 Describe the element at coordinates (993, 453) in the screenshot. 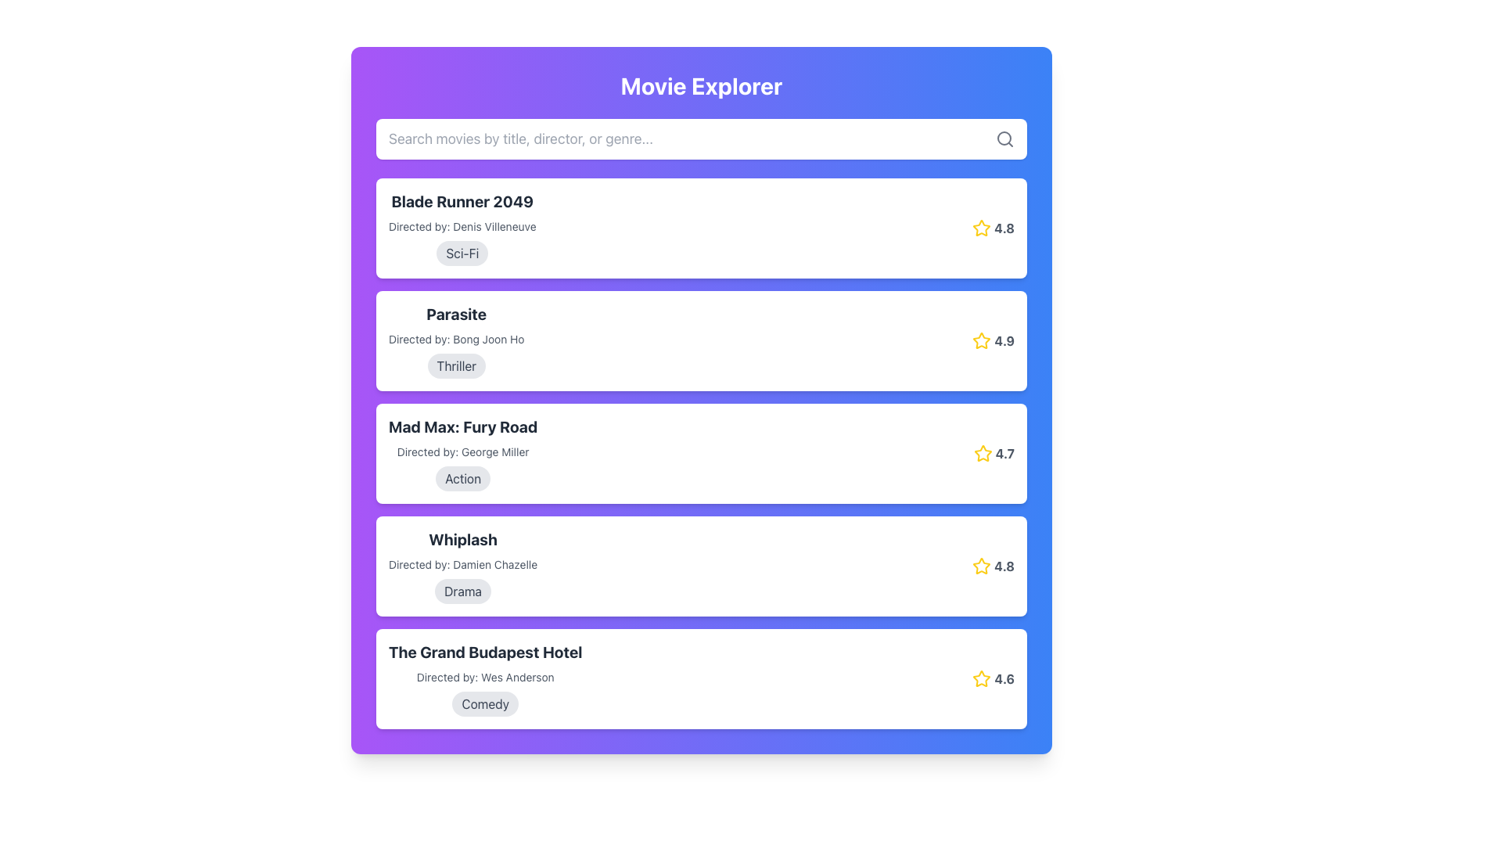

I see `the rating display for the movie 'Mad Max: Fury Road', which is located at the top right corner of the movie card` at that location.